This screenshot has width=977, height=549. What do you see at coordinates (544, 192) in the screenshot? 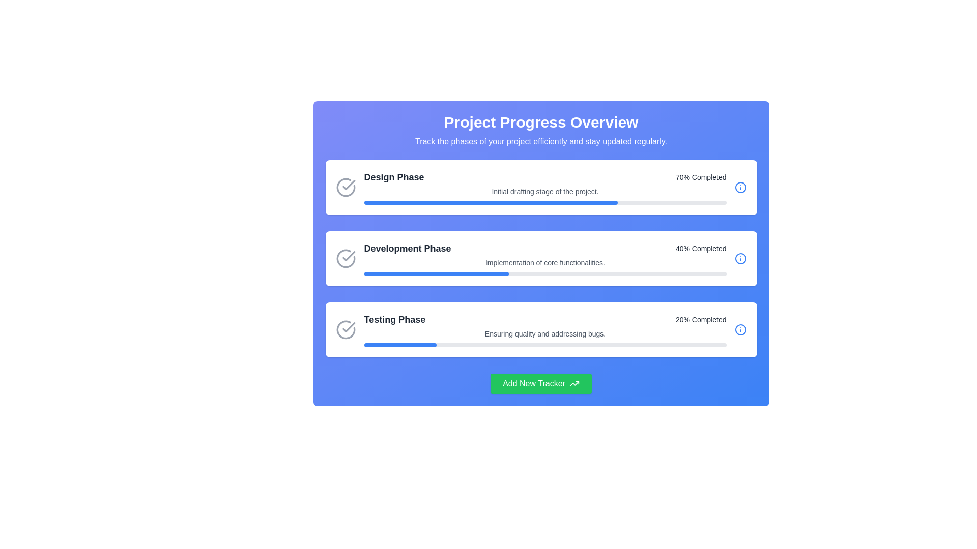
I see `the informative text that reads 'Initial drafting stage of the project', located beneath the heading 'Design Phase' and the progress information '70% Completed'` at bounding box center [544, 192].